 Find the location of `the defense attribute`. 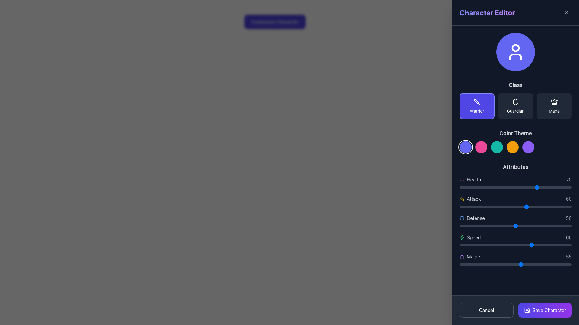

the defense attribute is located at coordinates (500, 226).